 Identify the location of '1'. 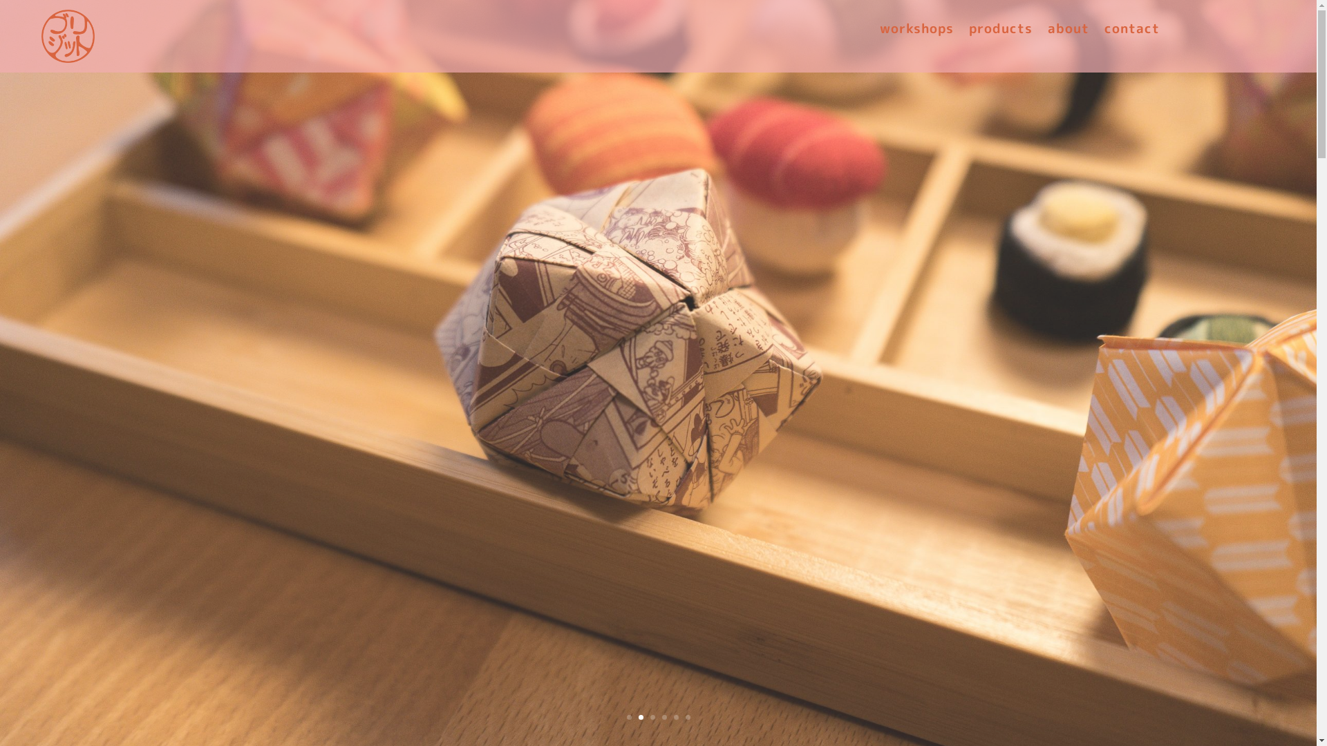
(628, 716).